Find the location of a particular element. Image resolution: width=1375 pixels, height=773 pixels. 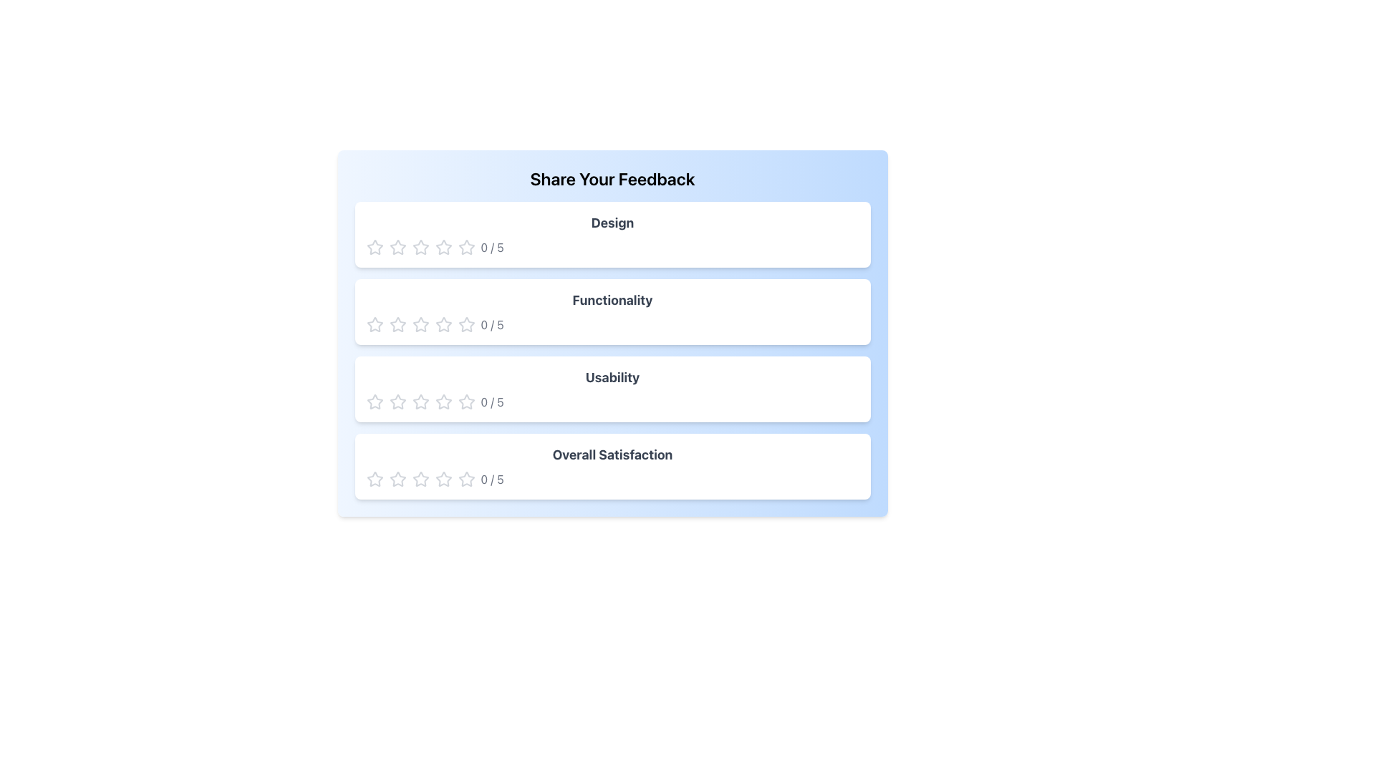

the fifth star in the row of five stars within the third rating section labeled 'Usability' is located at coordinates (466, 402).